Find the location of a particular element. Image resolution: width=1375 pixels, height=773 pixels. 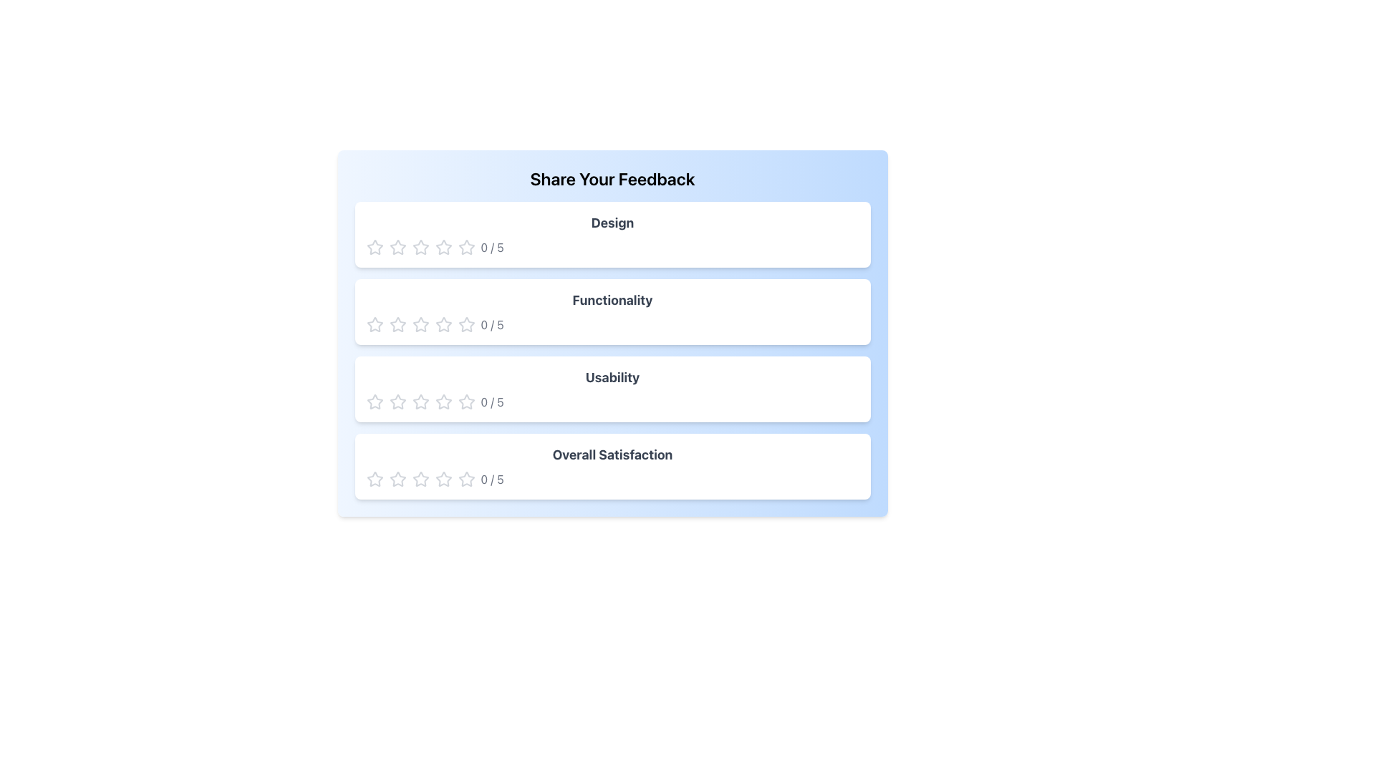

the fifth star in the row of five stars within the third rating section labeled 'Usability' is located at coordinates (466, 402).